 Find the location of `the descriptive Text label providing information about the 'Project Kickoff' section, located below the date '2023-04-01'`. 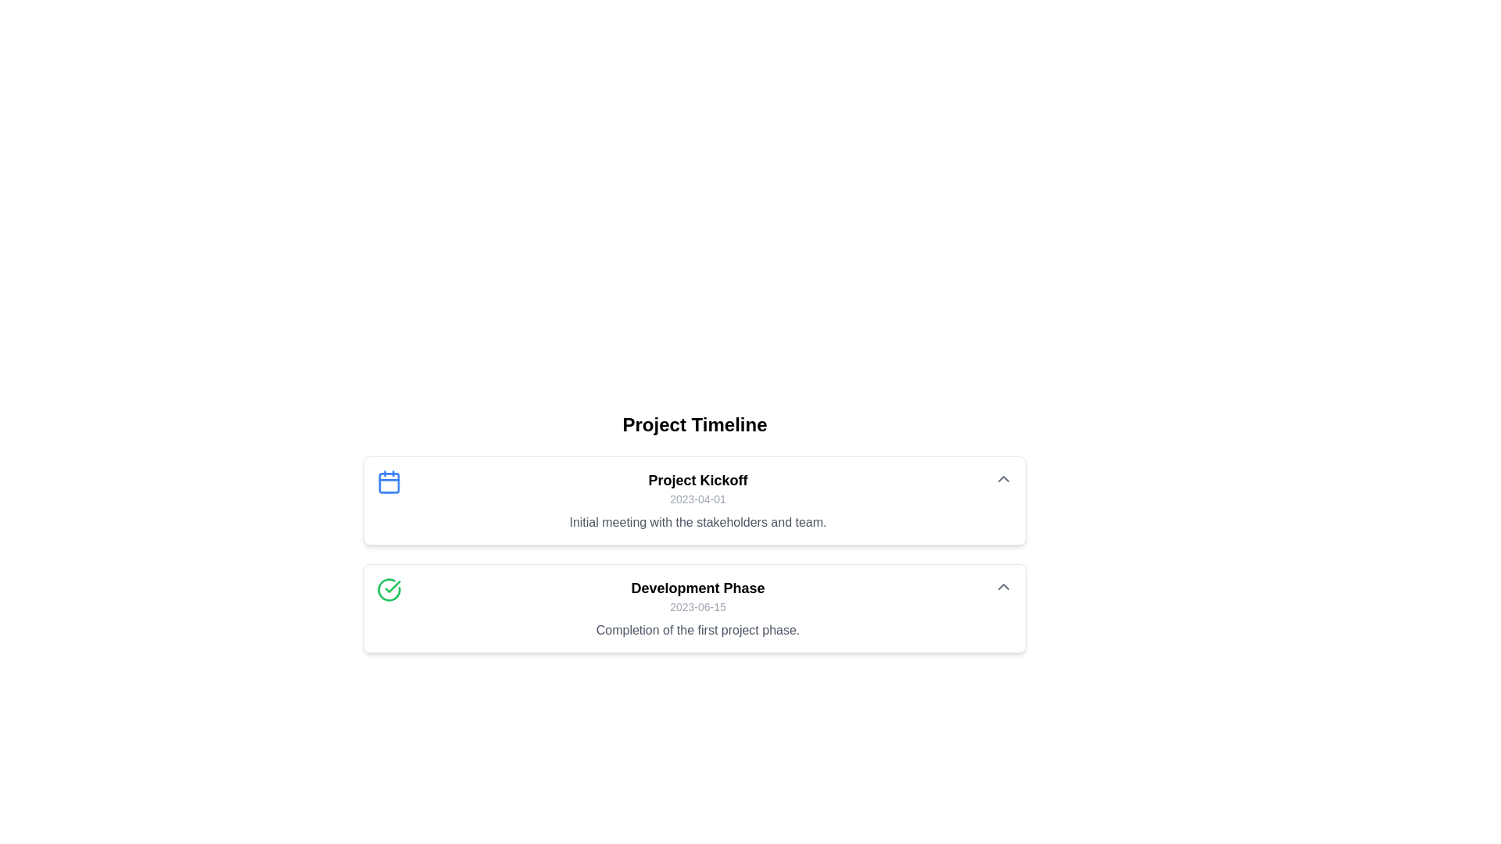

the descriptive Text label providing information about the 'Project Kickoff' section, located below the date '2023-04-01' is located at coordinates (697, 522).